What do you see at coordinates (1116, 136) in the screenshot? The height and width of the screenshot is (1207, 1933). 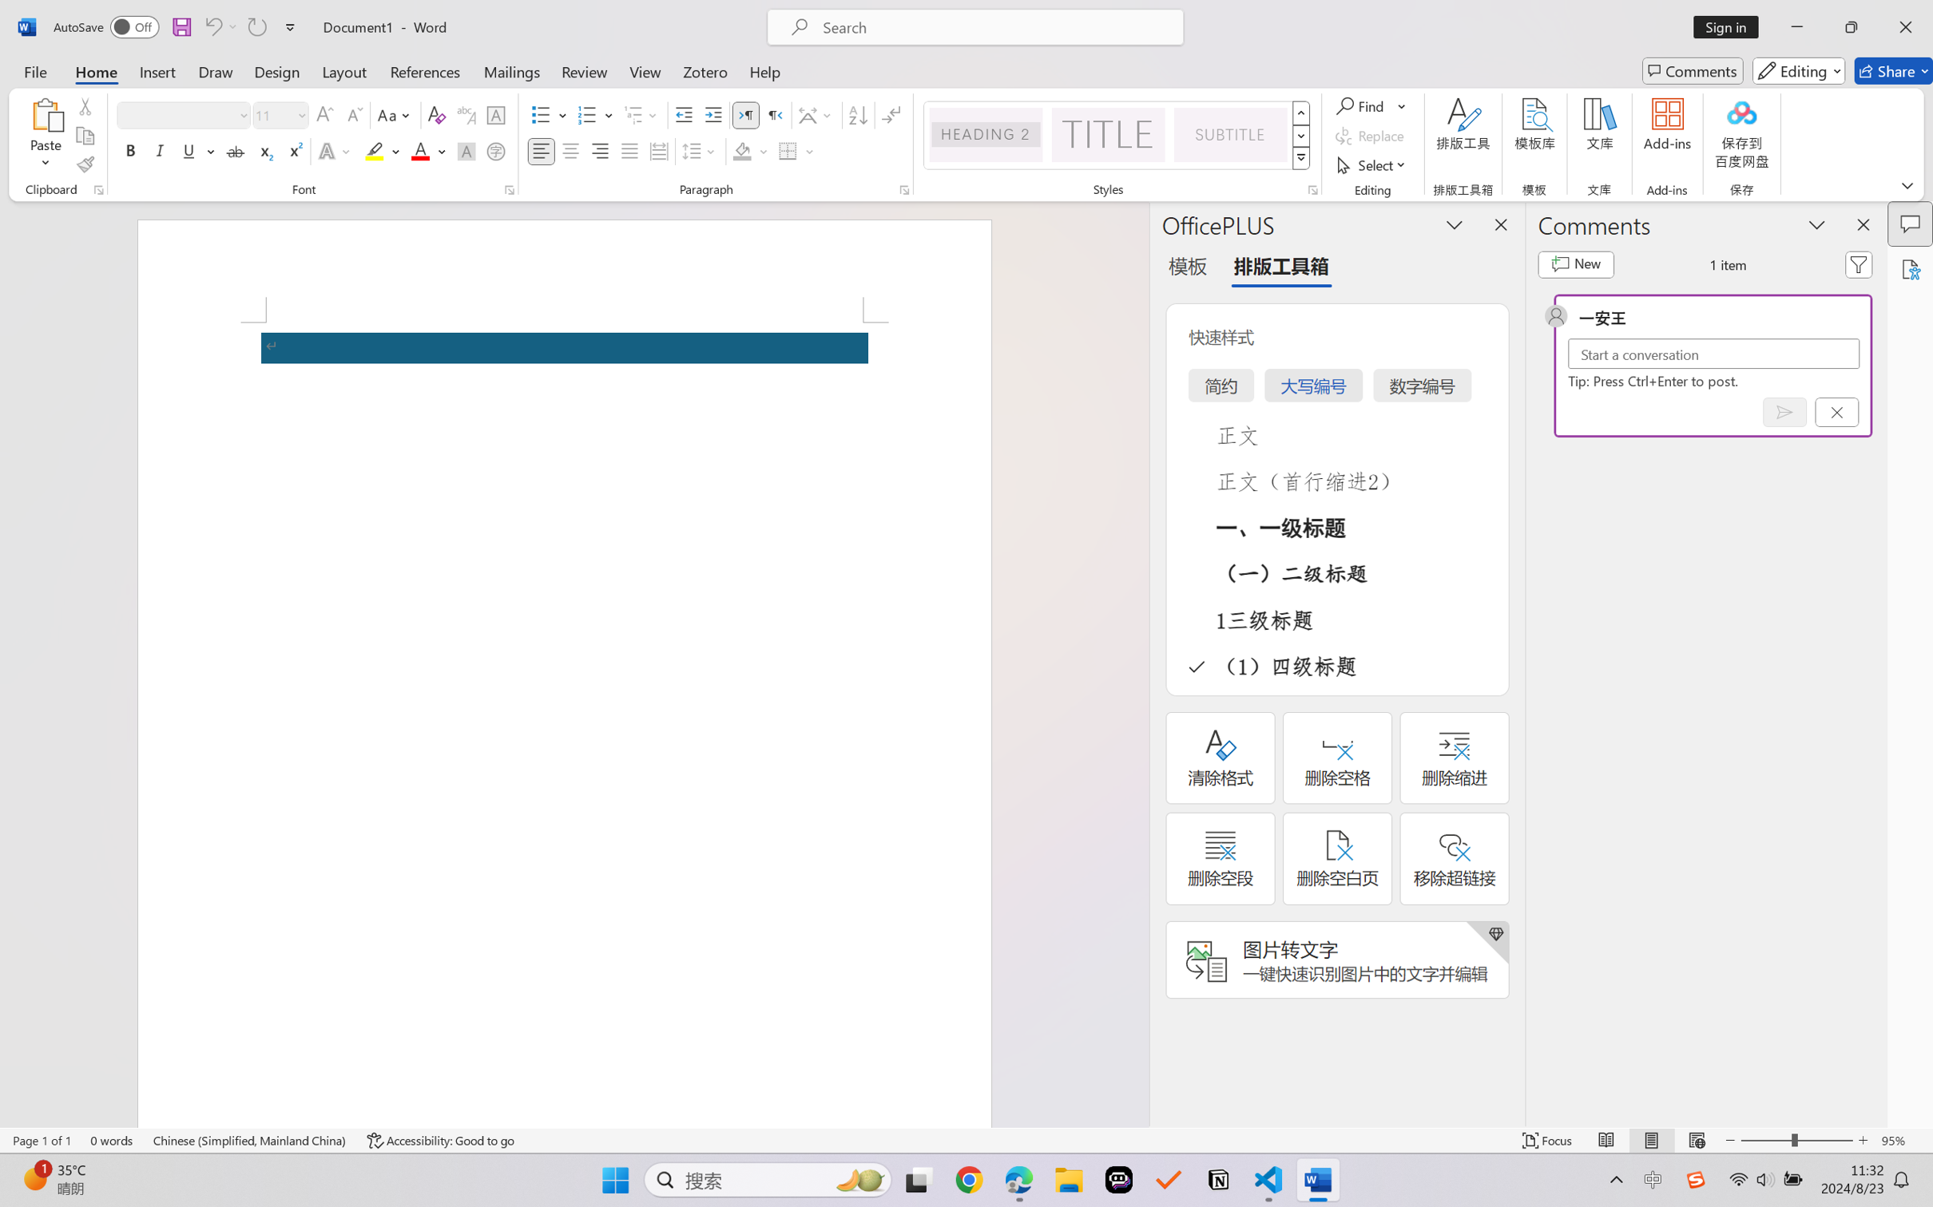 I see `'AutomationID: QuickStylesGallery'` at bounding box center [1116, 136].